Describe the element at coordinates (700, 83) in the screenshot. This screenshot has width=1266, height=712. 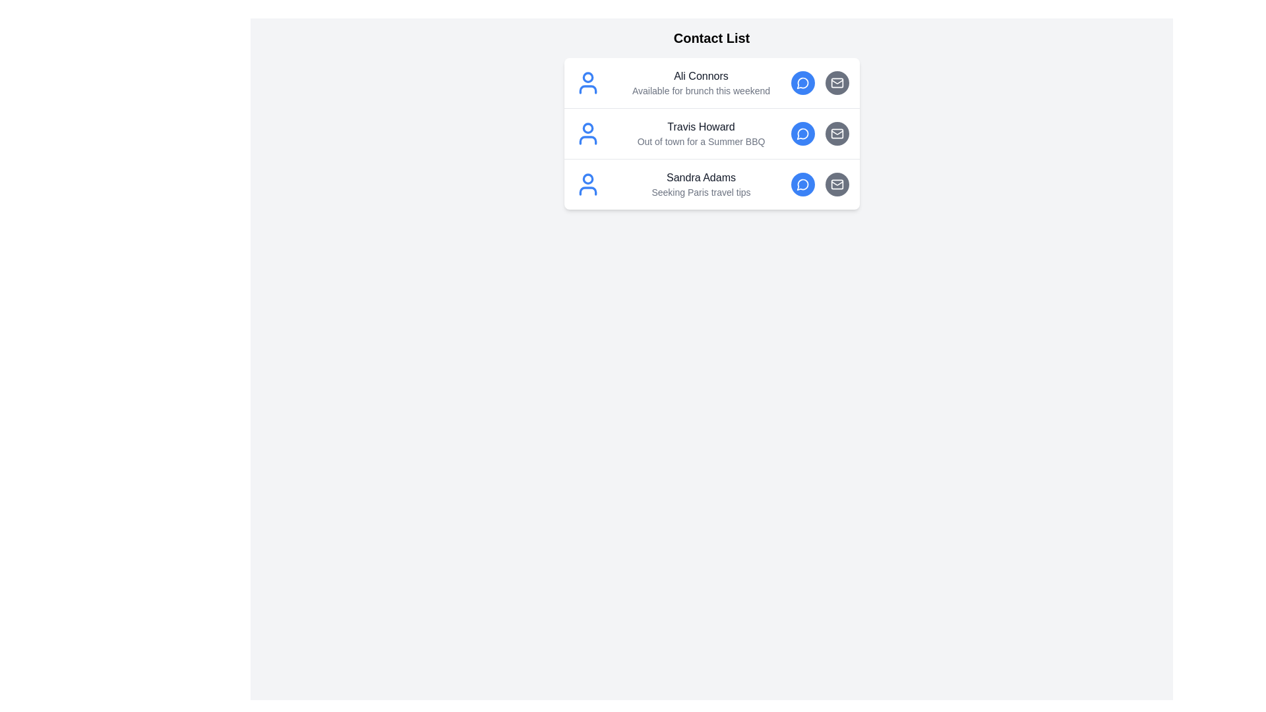
I see `the topmost Contact List Item displaying 'Ali Connors'` at that location.